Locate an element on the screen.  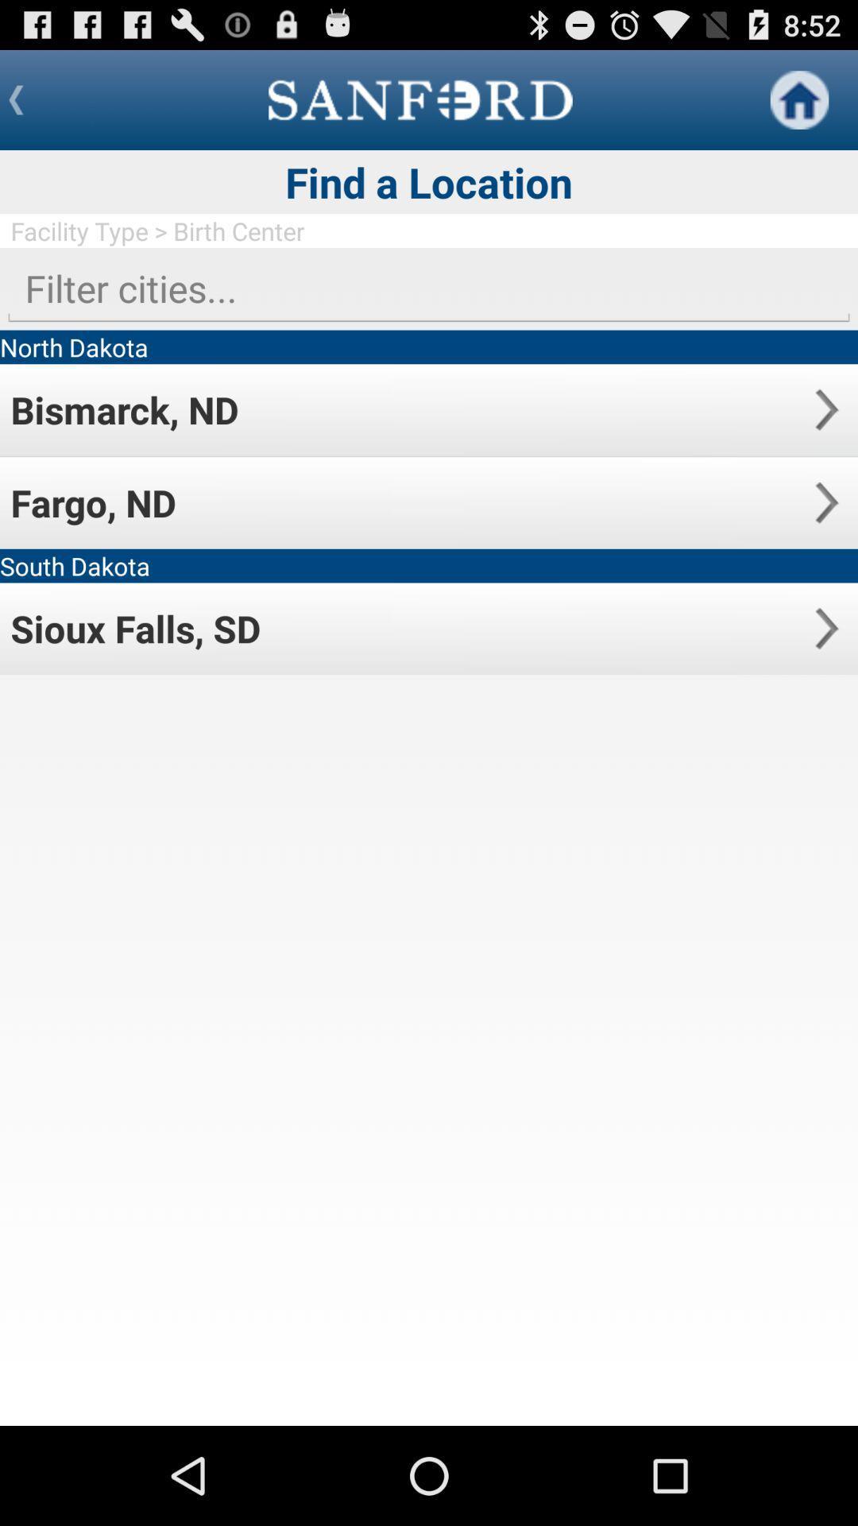
the home icon which is on top right side is located at coordinates (799, 99).